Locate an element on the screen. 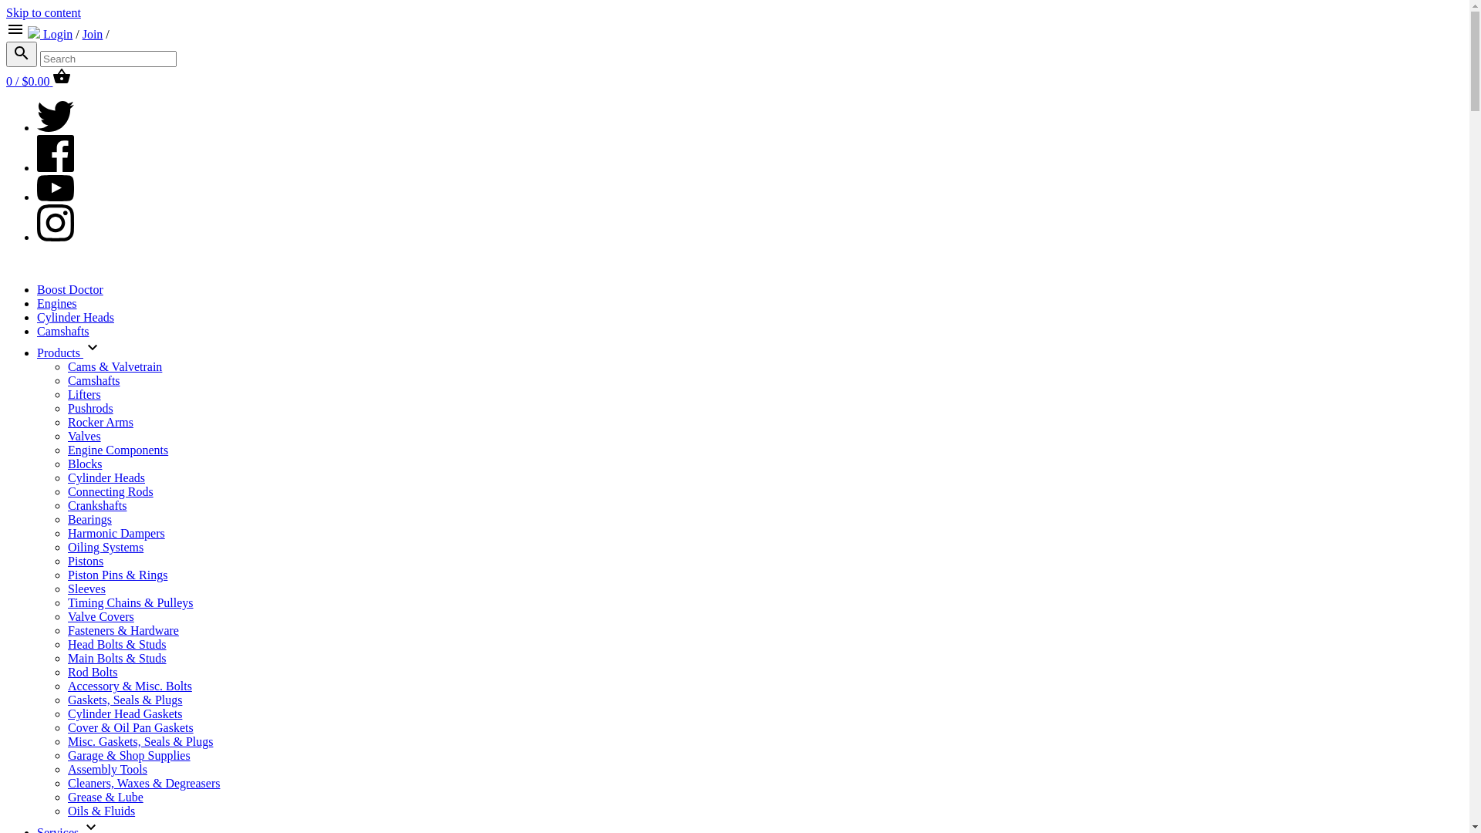 The width and height of the screenshot is (1481, 833). 'Fasteners & Hardware' is located at coordinates (122, 630).